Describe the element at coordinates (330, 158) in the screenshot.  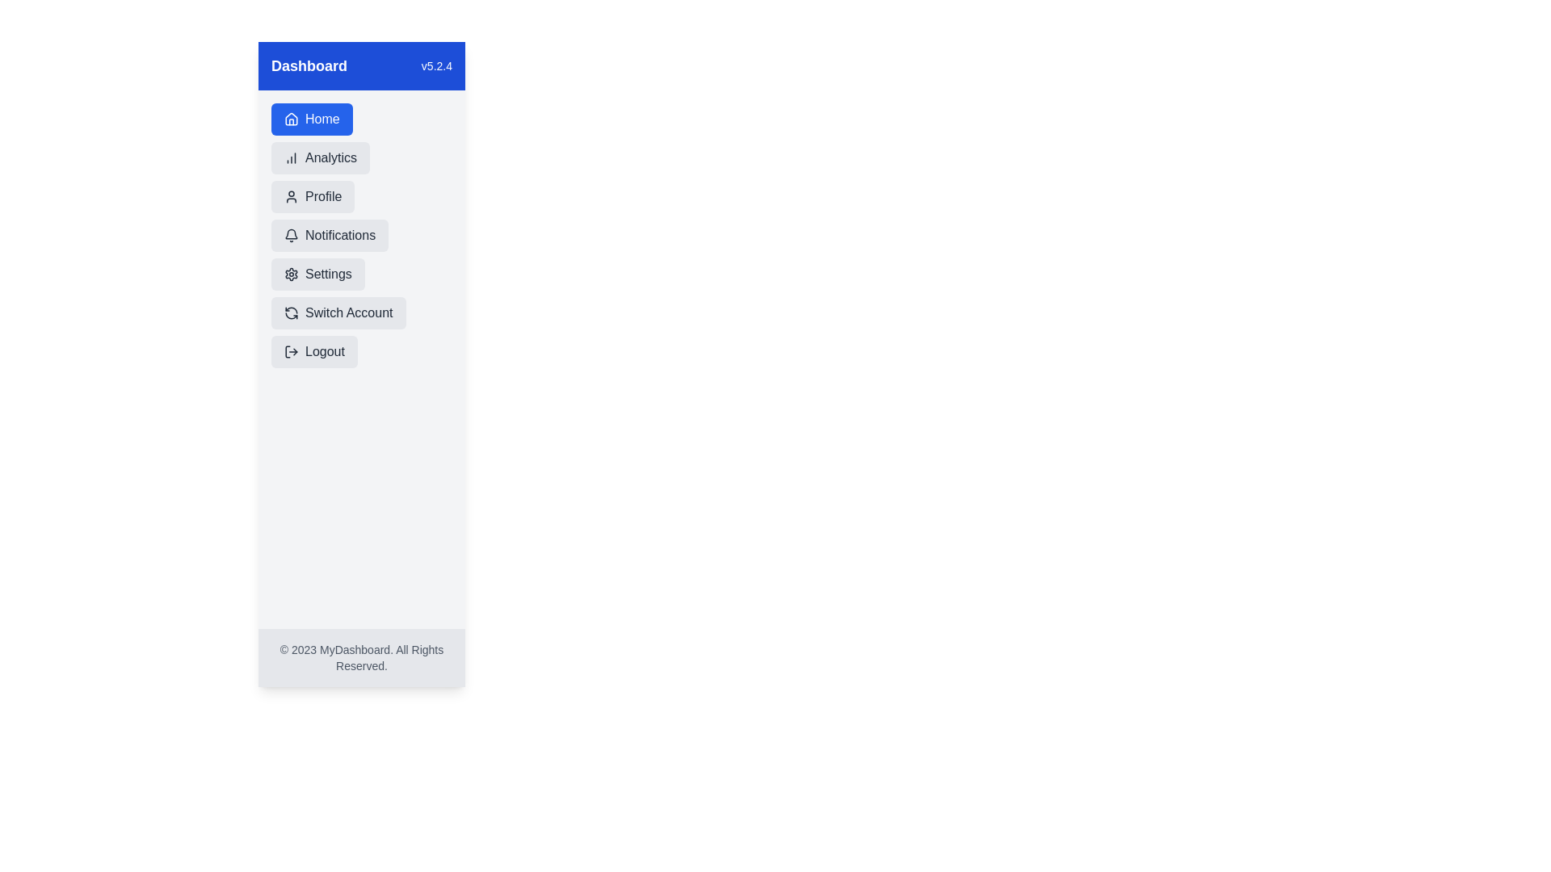
I see `the 'Analytics' text label located on the left vertical navigation bar` at that location.